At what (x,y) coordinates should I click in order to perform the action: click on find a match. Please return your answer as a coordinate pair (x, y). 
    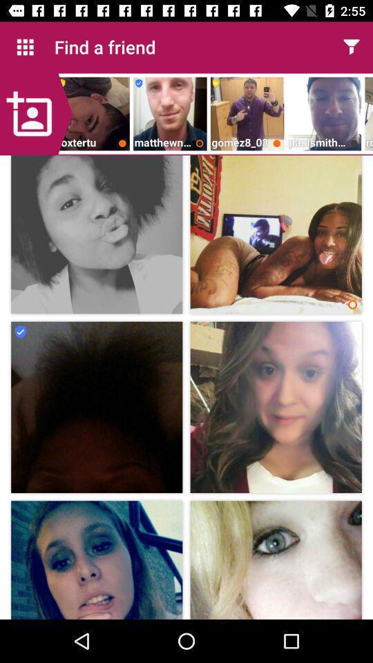
    Looking at the image, I should click on (351, 47).